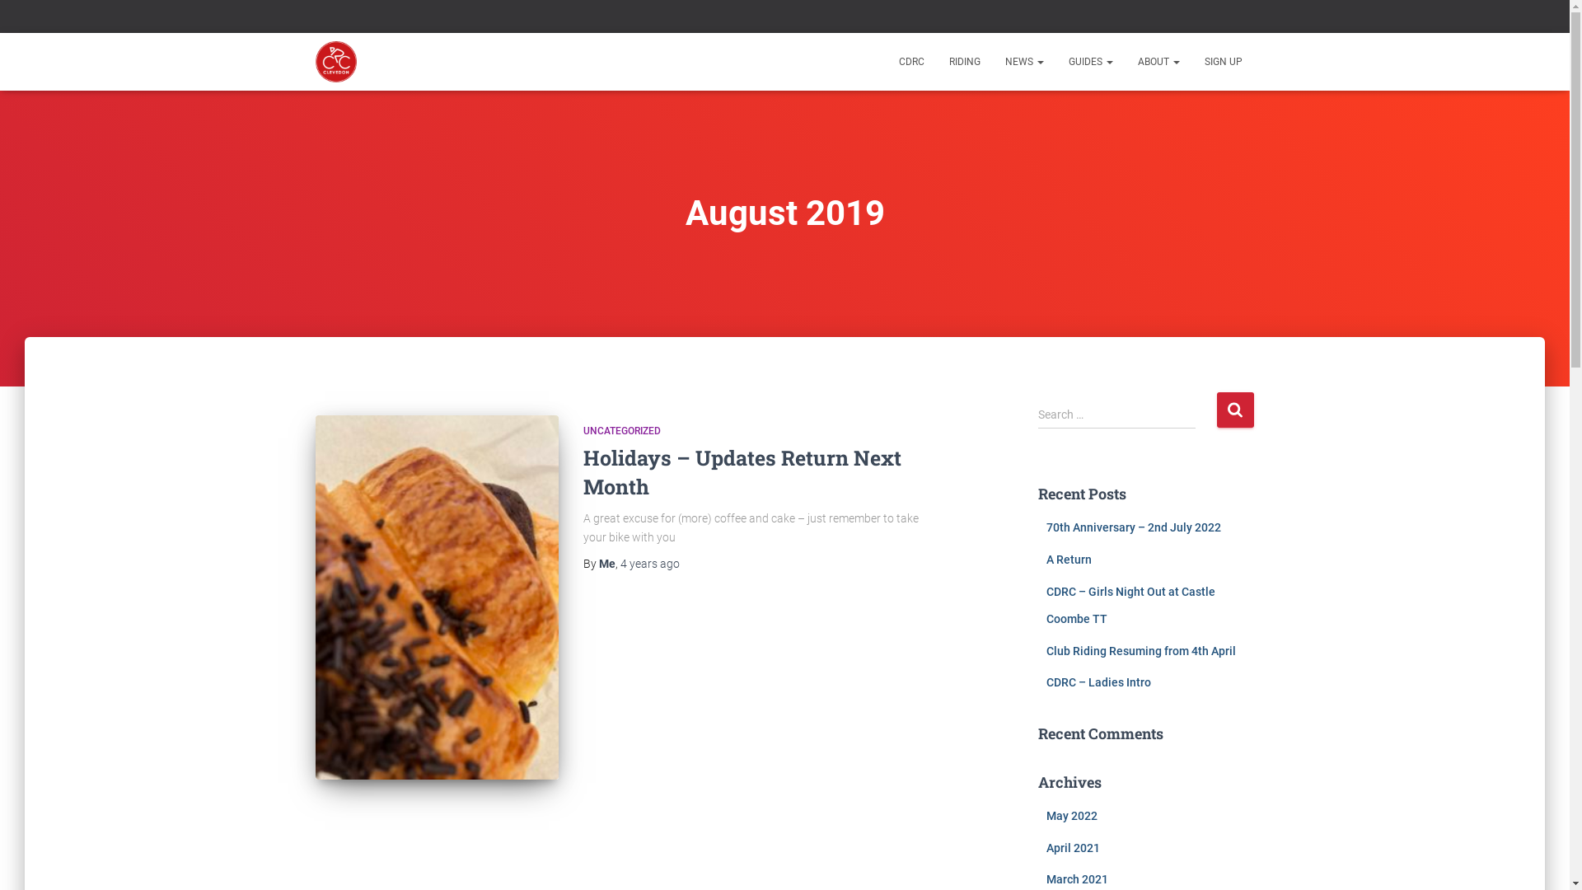 Image resolution: width=1582 pixels, height=890 pixels. What do you see at coordinates (597, 562) in the screenshot?
I see `'Me'` at bounding box center [597, 562].